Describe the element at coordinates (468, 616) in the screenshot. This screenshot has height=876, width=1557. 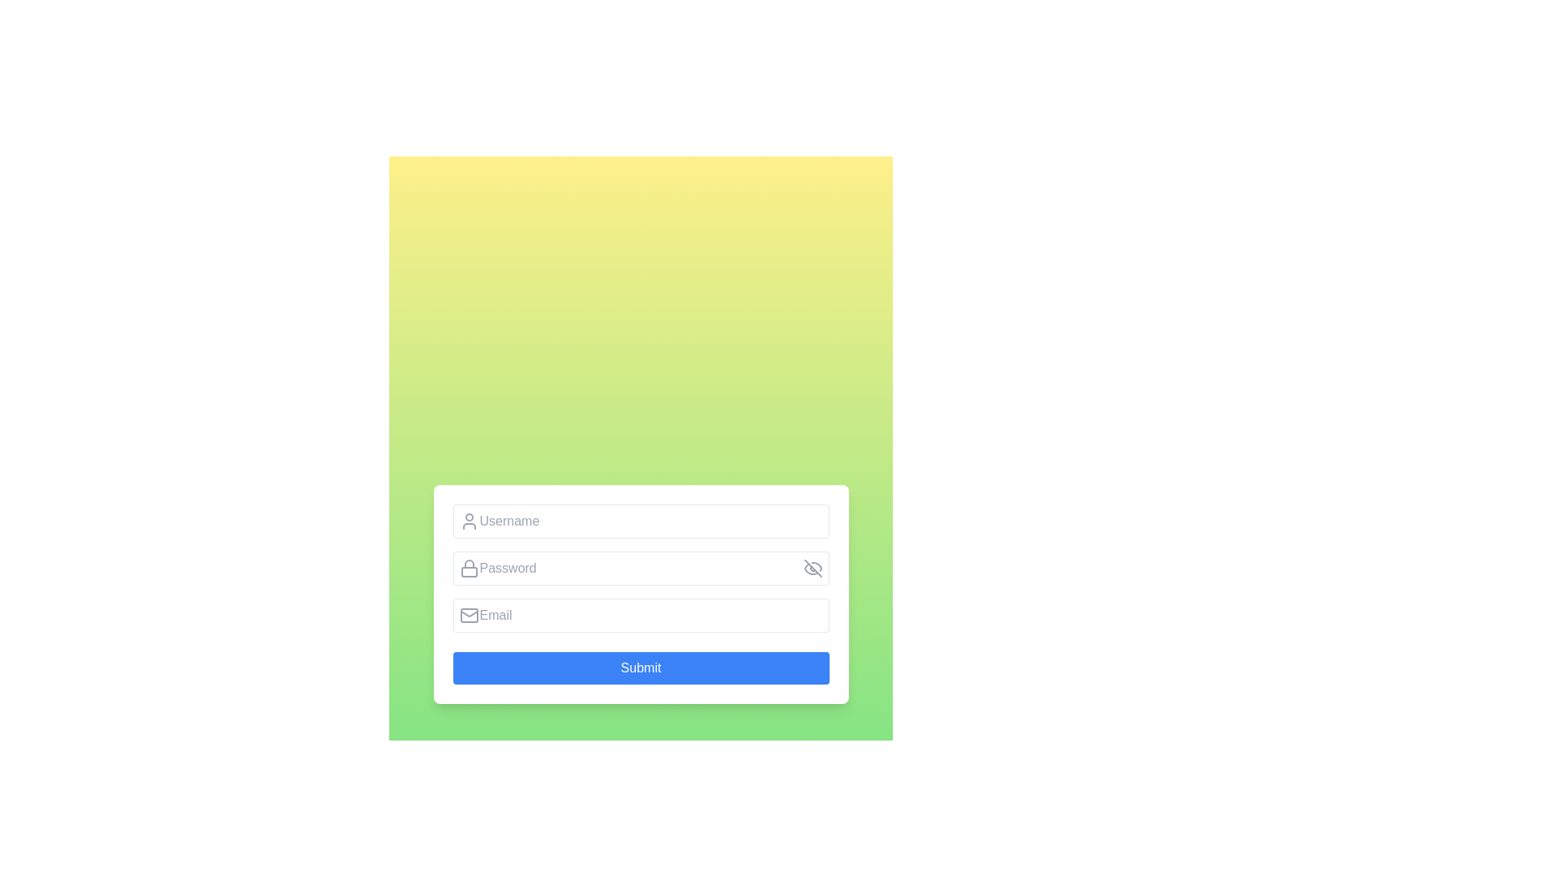
I see `the email icon located to the far left within the email input field, adjacent to the field labeled 'Email', which visually indicates the purpose of the input for an email address` at that location.